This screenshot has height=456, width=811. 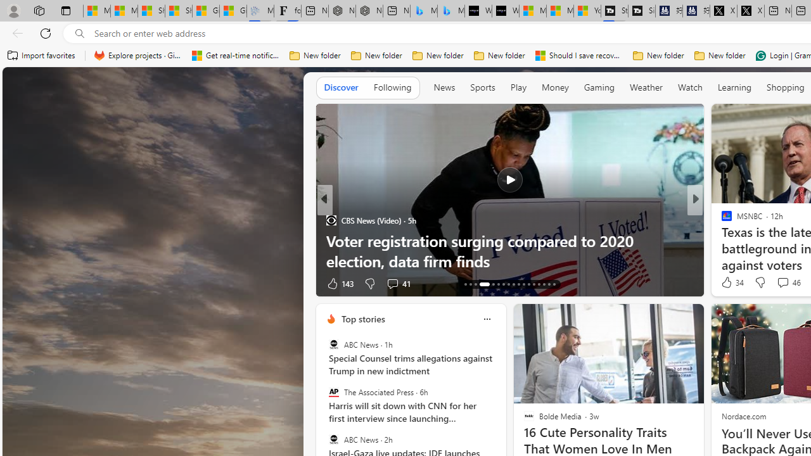 I want to click on 'Washington Examiner', so click(x=721, y=219).